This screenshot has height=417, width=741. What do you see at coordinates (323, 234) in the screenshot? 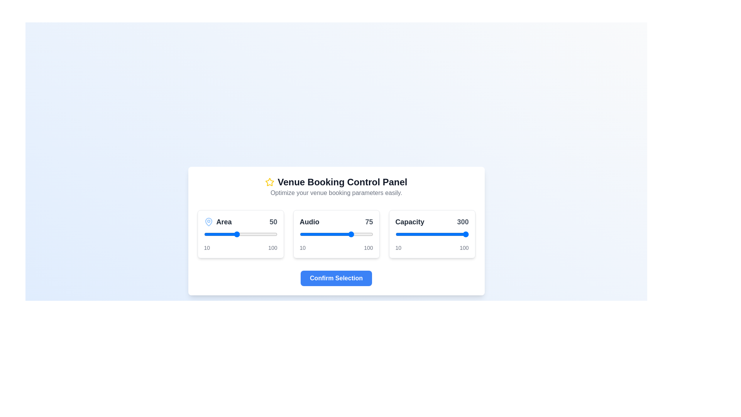
I see `the audio level` at bounding box center [323, 234].